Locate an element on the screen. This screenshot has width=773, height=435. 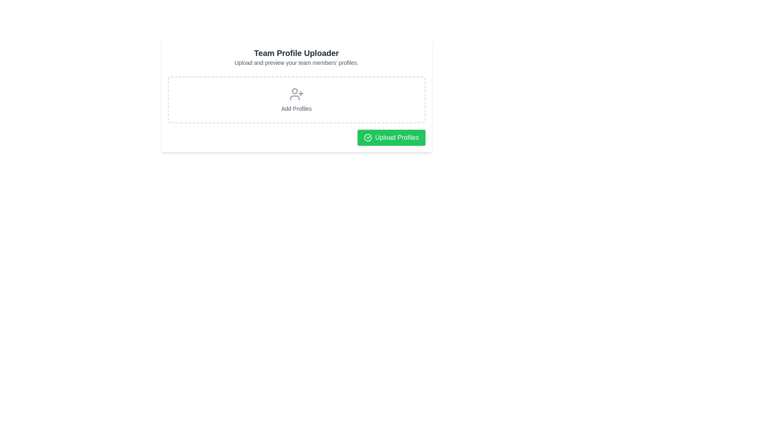
the SVG graphic icon that serves as a visual indicator to add profiles, located above the 'Add Profiles' text is located at coordinates (296, 94).